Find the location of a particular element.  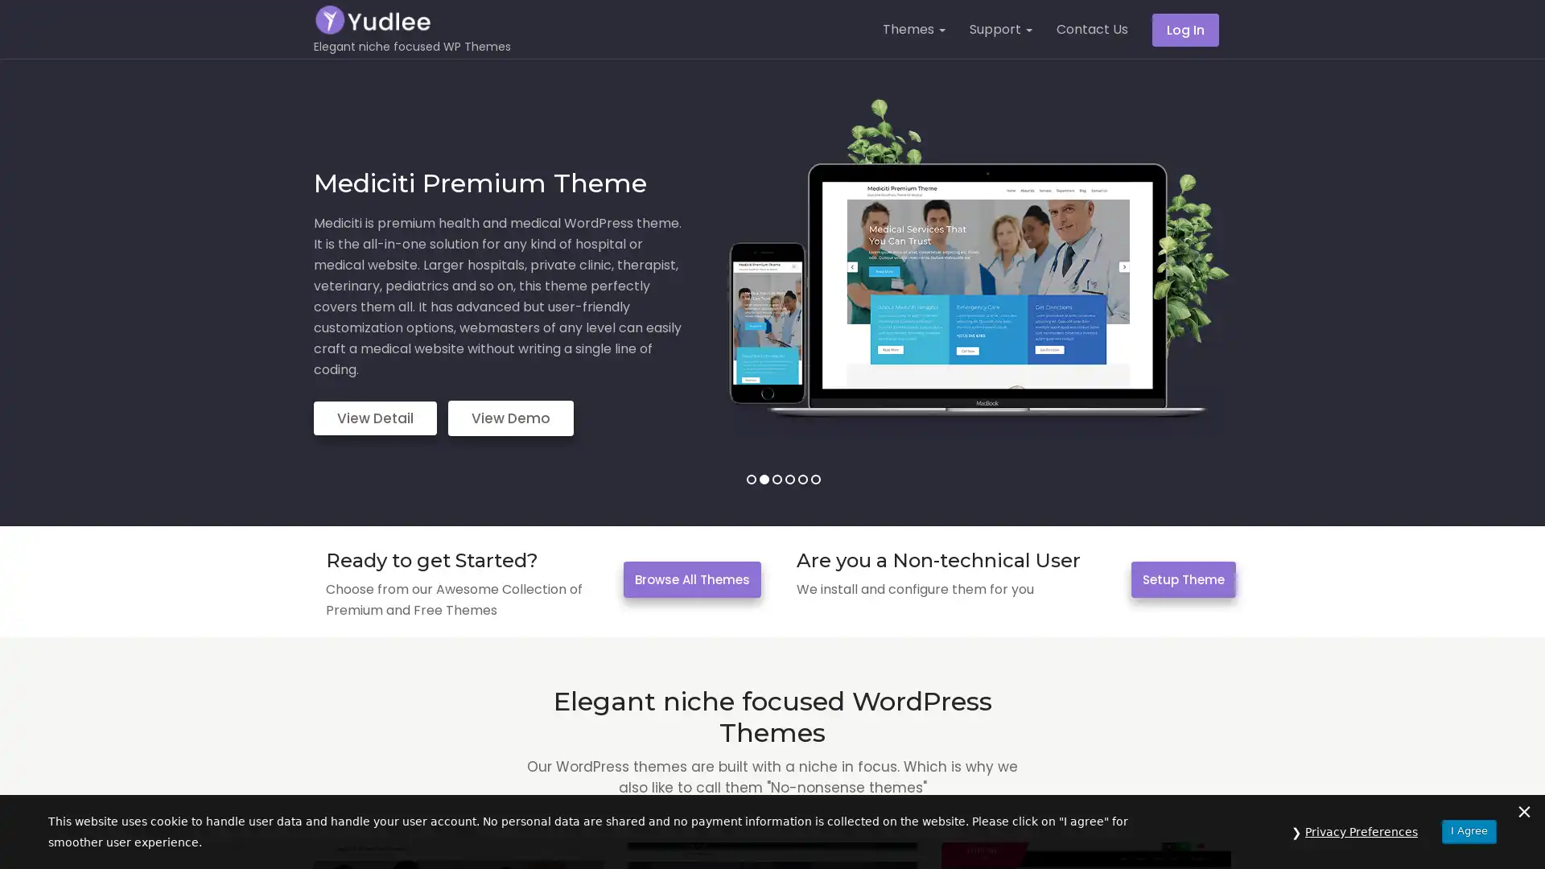

2 is located at coordinates (763, 479).